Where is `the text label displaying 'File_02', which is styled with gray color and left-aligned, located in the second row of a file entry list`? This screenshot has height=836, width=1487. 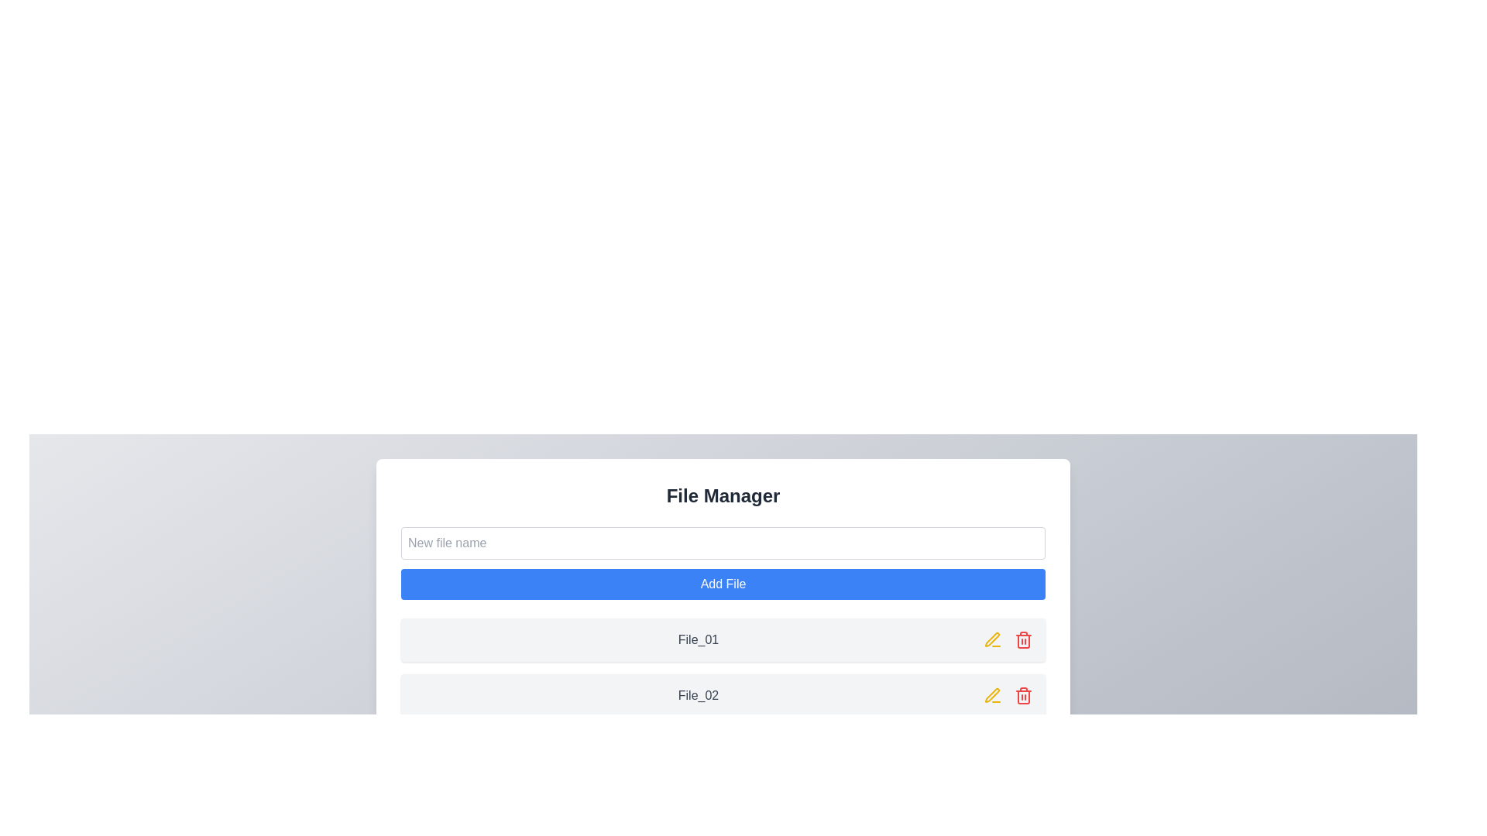
the text label displaying 'File_02', which is styled with gray color and left-aligned, located in the second row of a file entry list is located at coordinates (698, 694).